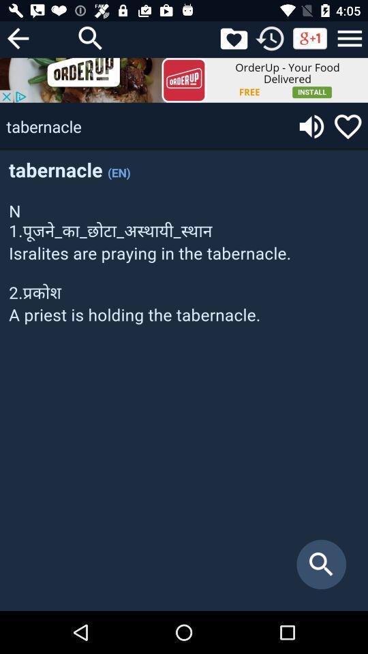 The width and height of the screenshot is (368, 654). What do you see at coordinates (270, 37) in the screenshot?
I see `the history icon` at bounding box center [270, 37].